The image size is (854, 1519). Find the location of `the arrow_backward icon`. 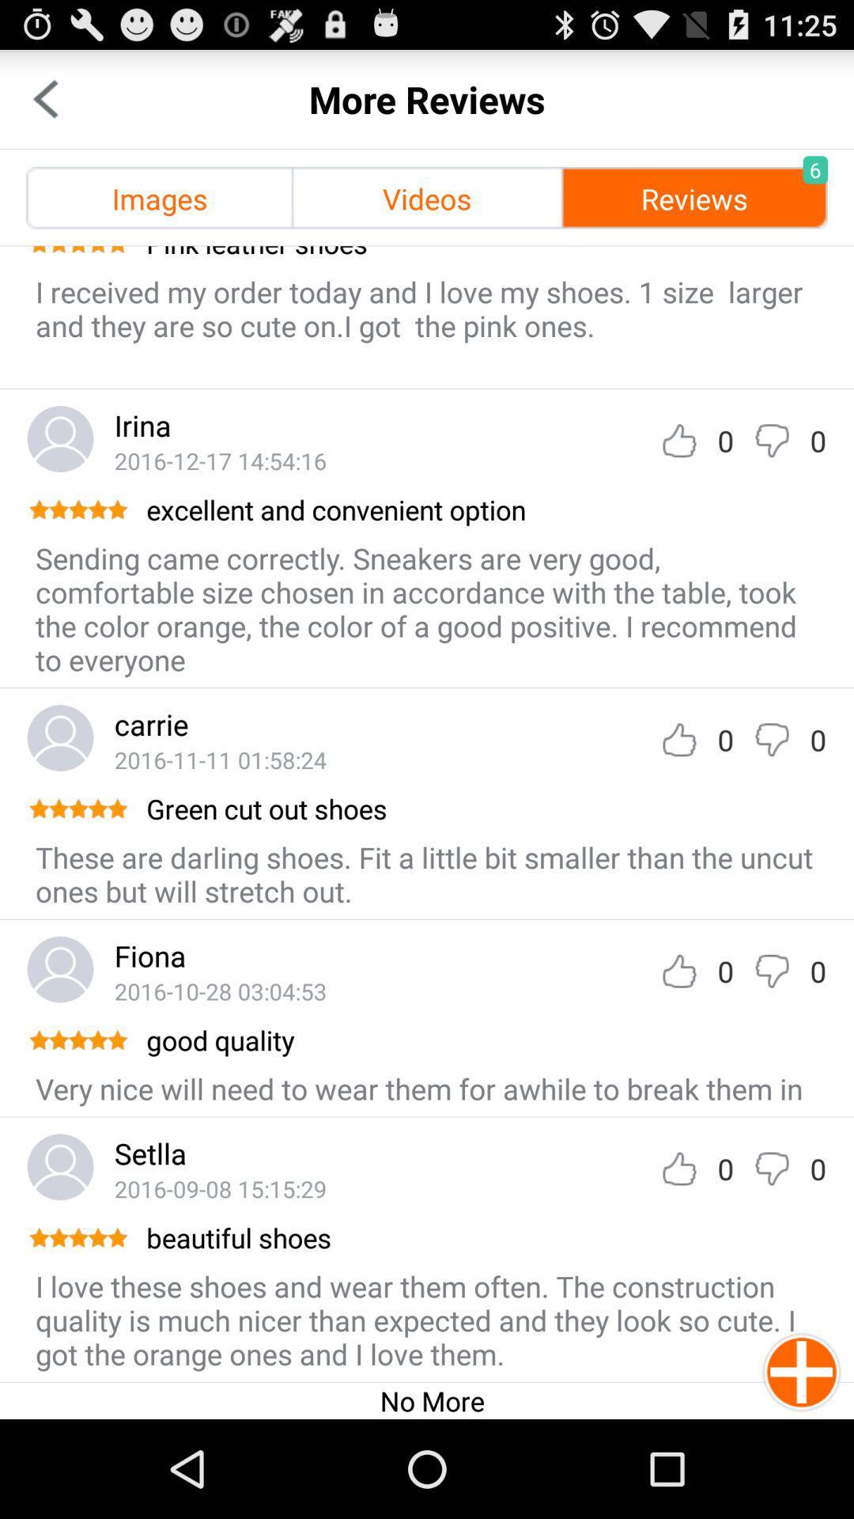

the arrow_backward icon is located at coordinates (44, 105).